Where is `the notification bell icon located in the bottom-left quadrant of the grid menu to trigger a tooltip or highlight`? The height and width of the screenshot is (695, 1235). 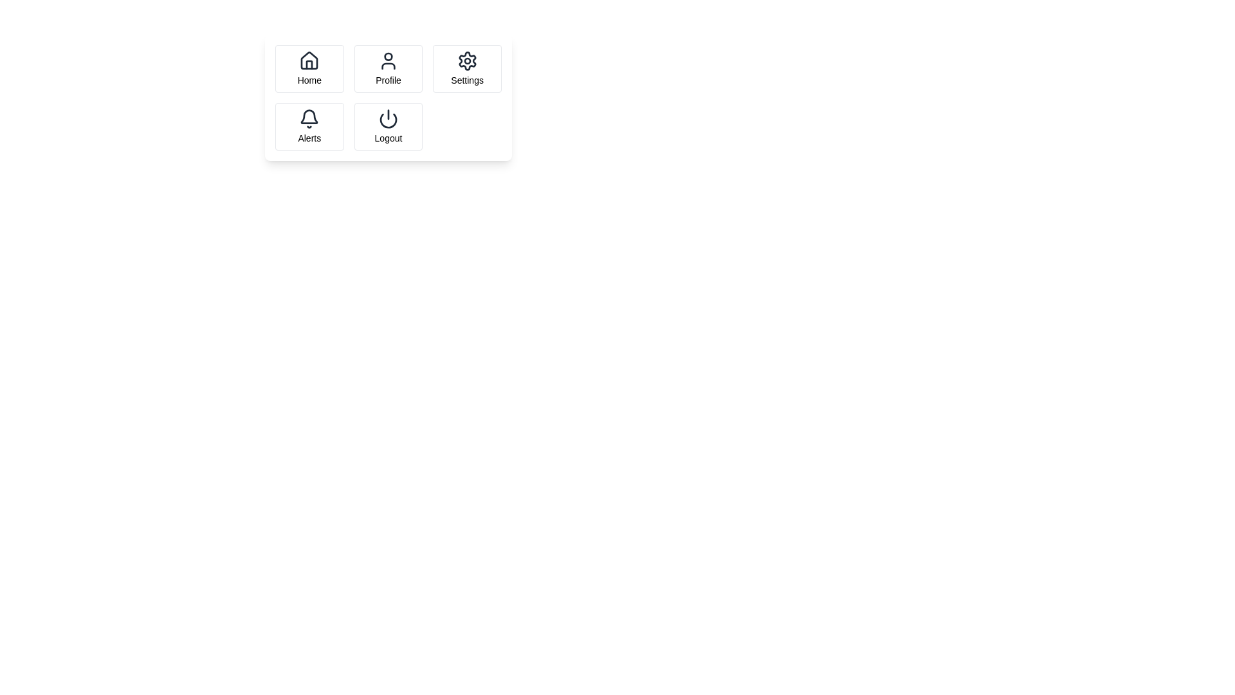
the notification bell icon located in the bottom-left quadrant of the grid menu to trigger a tooltip or highlight is located at coordinates (309, 116).